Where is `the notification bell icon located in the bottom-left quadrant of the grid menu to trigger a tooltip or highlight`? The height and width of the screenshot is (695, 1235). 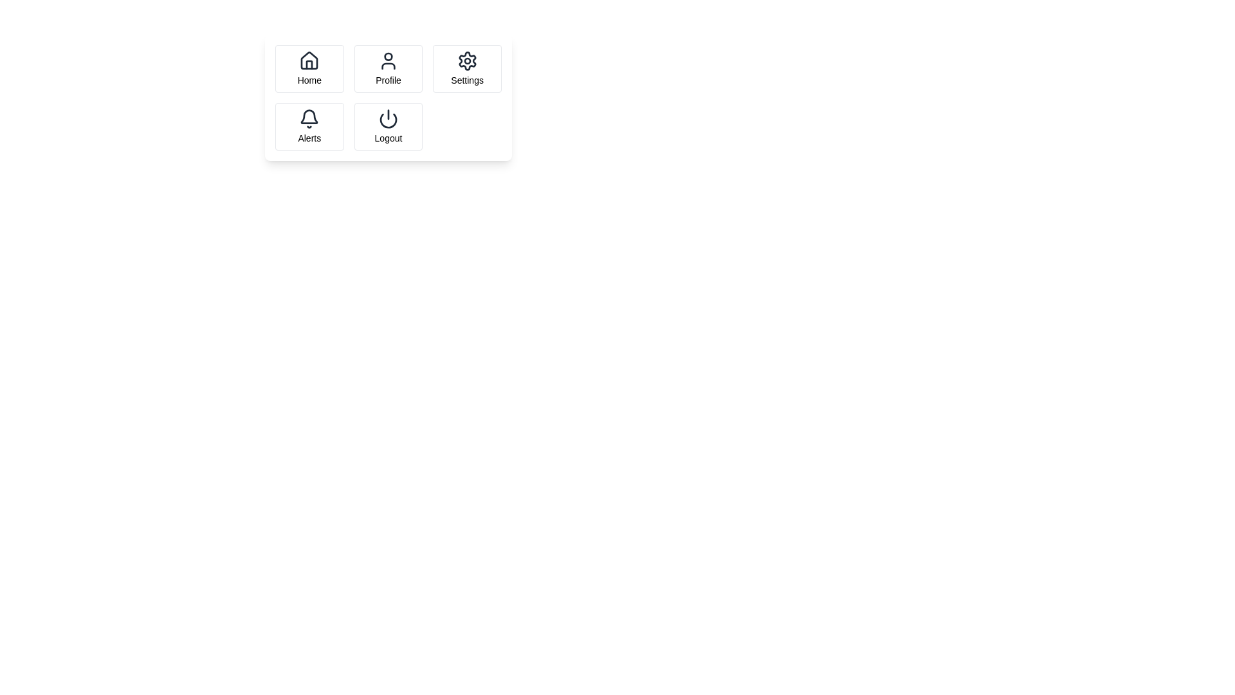
the notification bell icon located in the bottom-left quadrant of the grid menu to trigger a tooltip or highlight is located at coordinates (309, 116).